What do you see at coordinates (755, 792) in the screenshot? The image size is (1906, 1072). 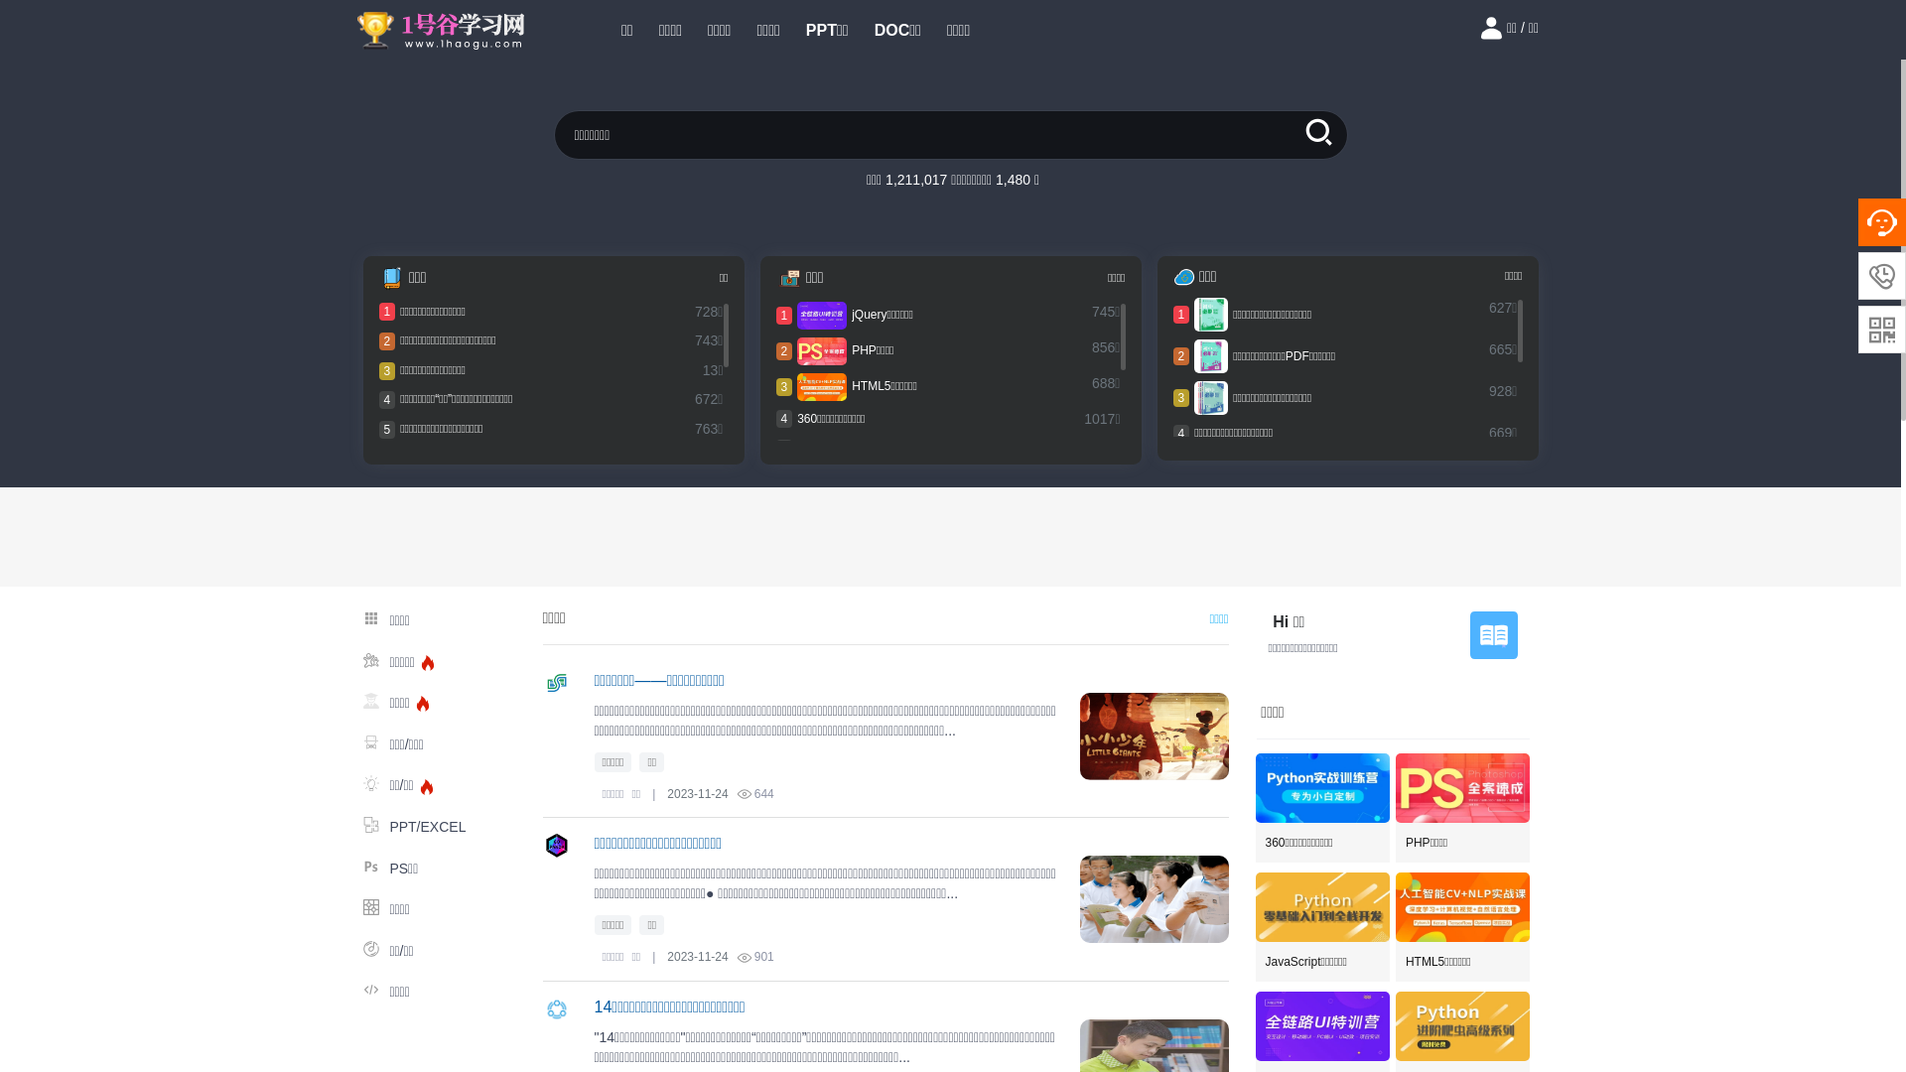 I see `'644'` at bounding box center [755, 792].